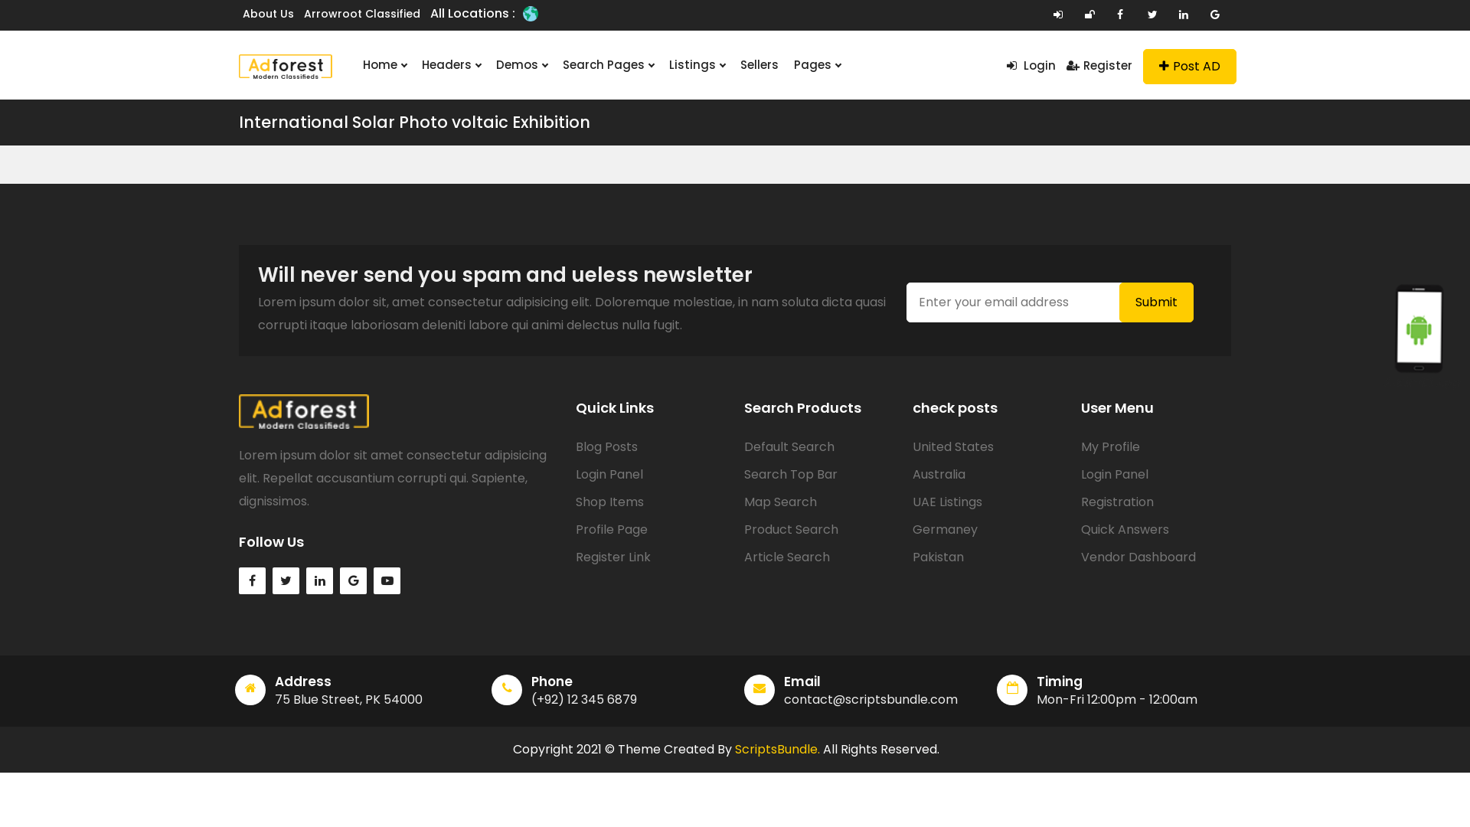  I want to click on 'Vendor Dashboard', so click(1138, 557).